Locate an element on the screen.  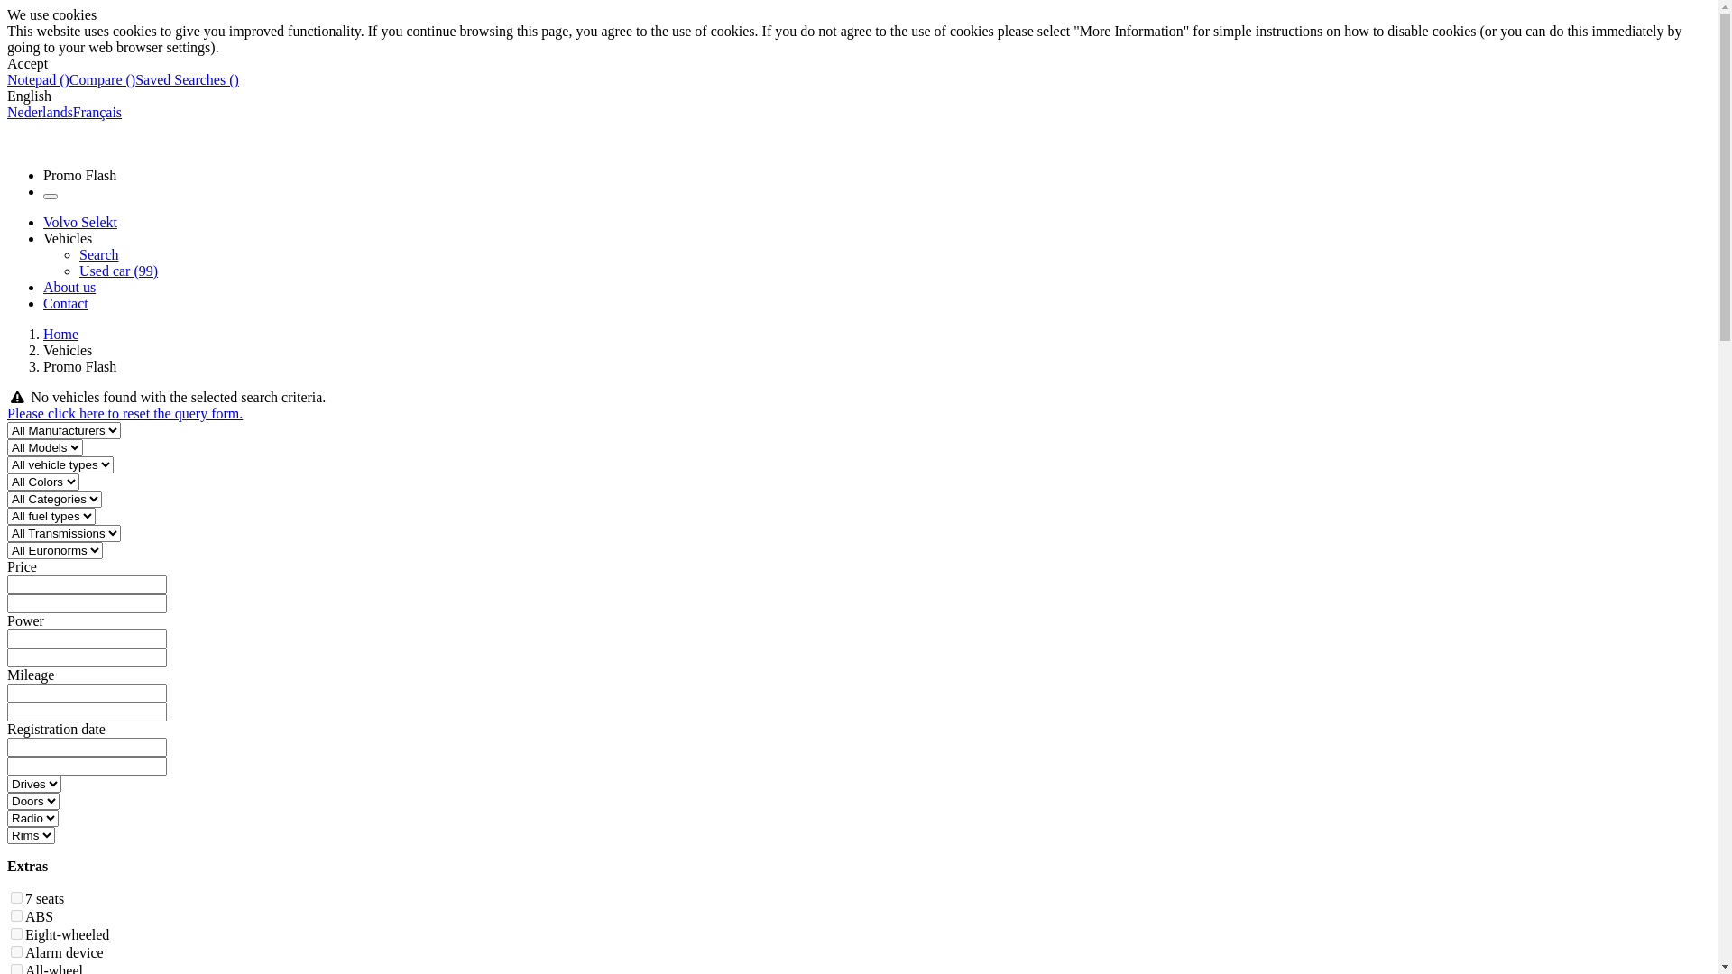
'Contact' is located at coordinates (65, 302).